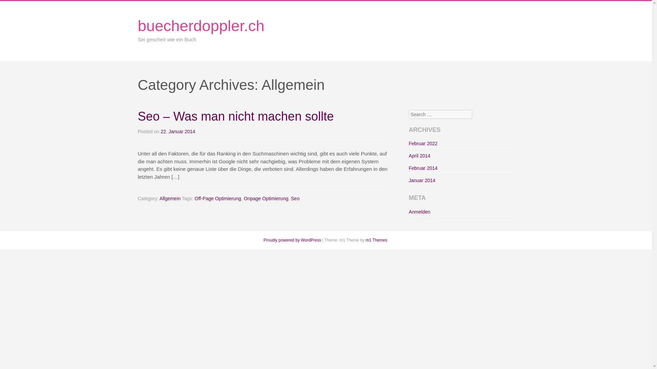  I want to click on 'buecherdoppler.ch', so click(200, 25).